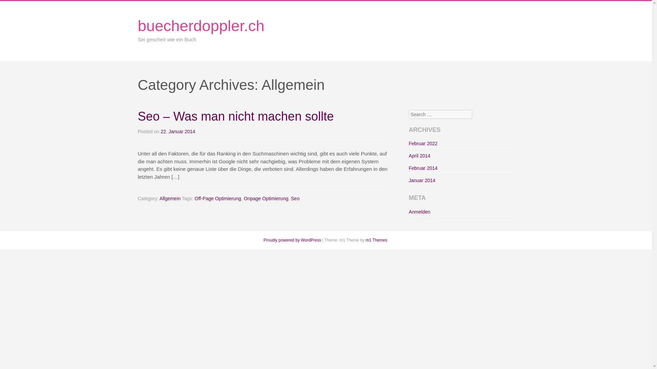  I want to click on 'buecherdoppler.ch', so click(200, 25).